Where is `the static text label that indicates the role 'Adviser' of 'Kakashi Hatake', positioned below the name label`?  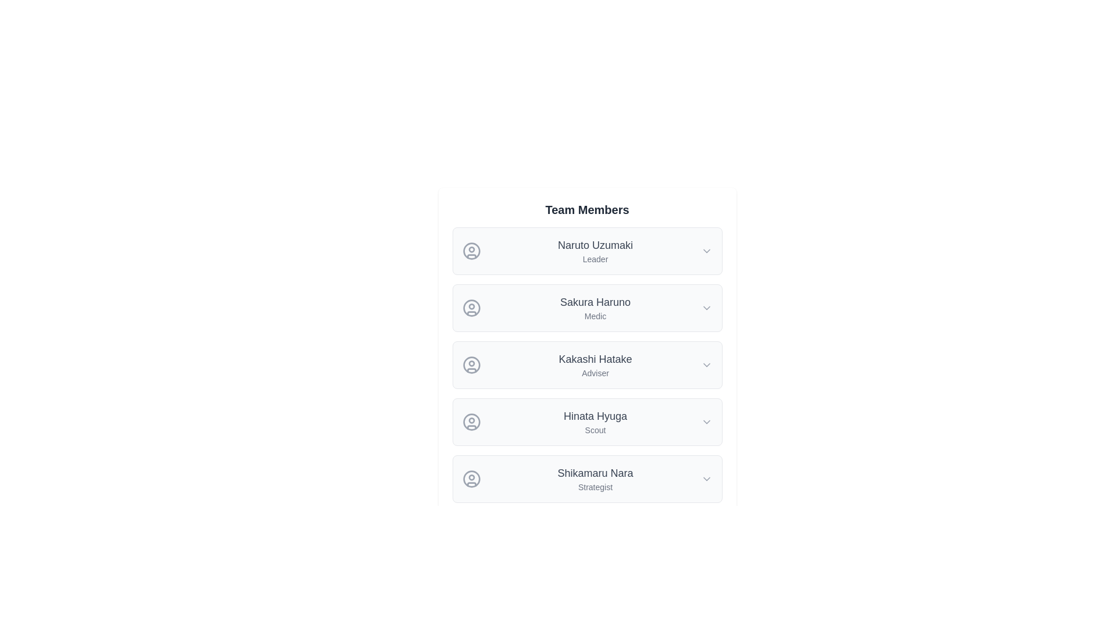 the static text label that indicates the role 'Adviser' of 'Kakashi Hatake', positioned below the name label is located at coordinates (595, 373).